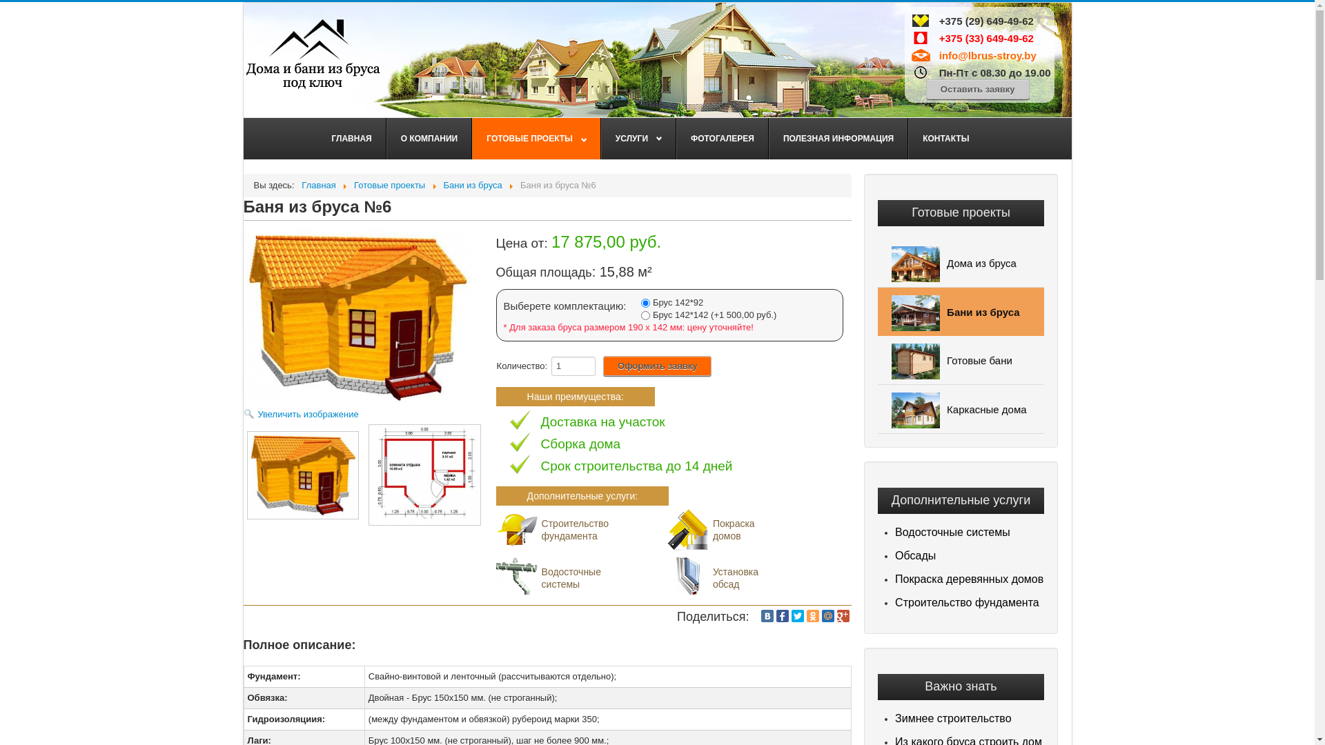 Image resolution: width=1325 pixels, height=745 pixels. I want to click on 'Facebook', so click(776, 615).